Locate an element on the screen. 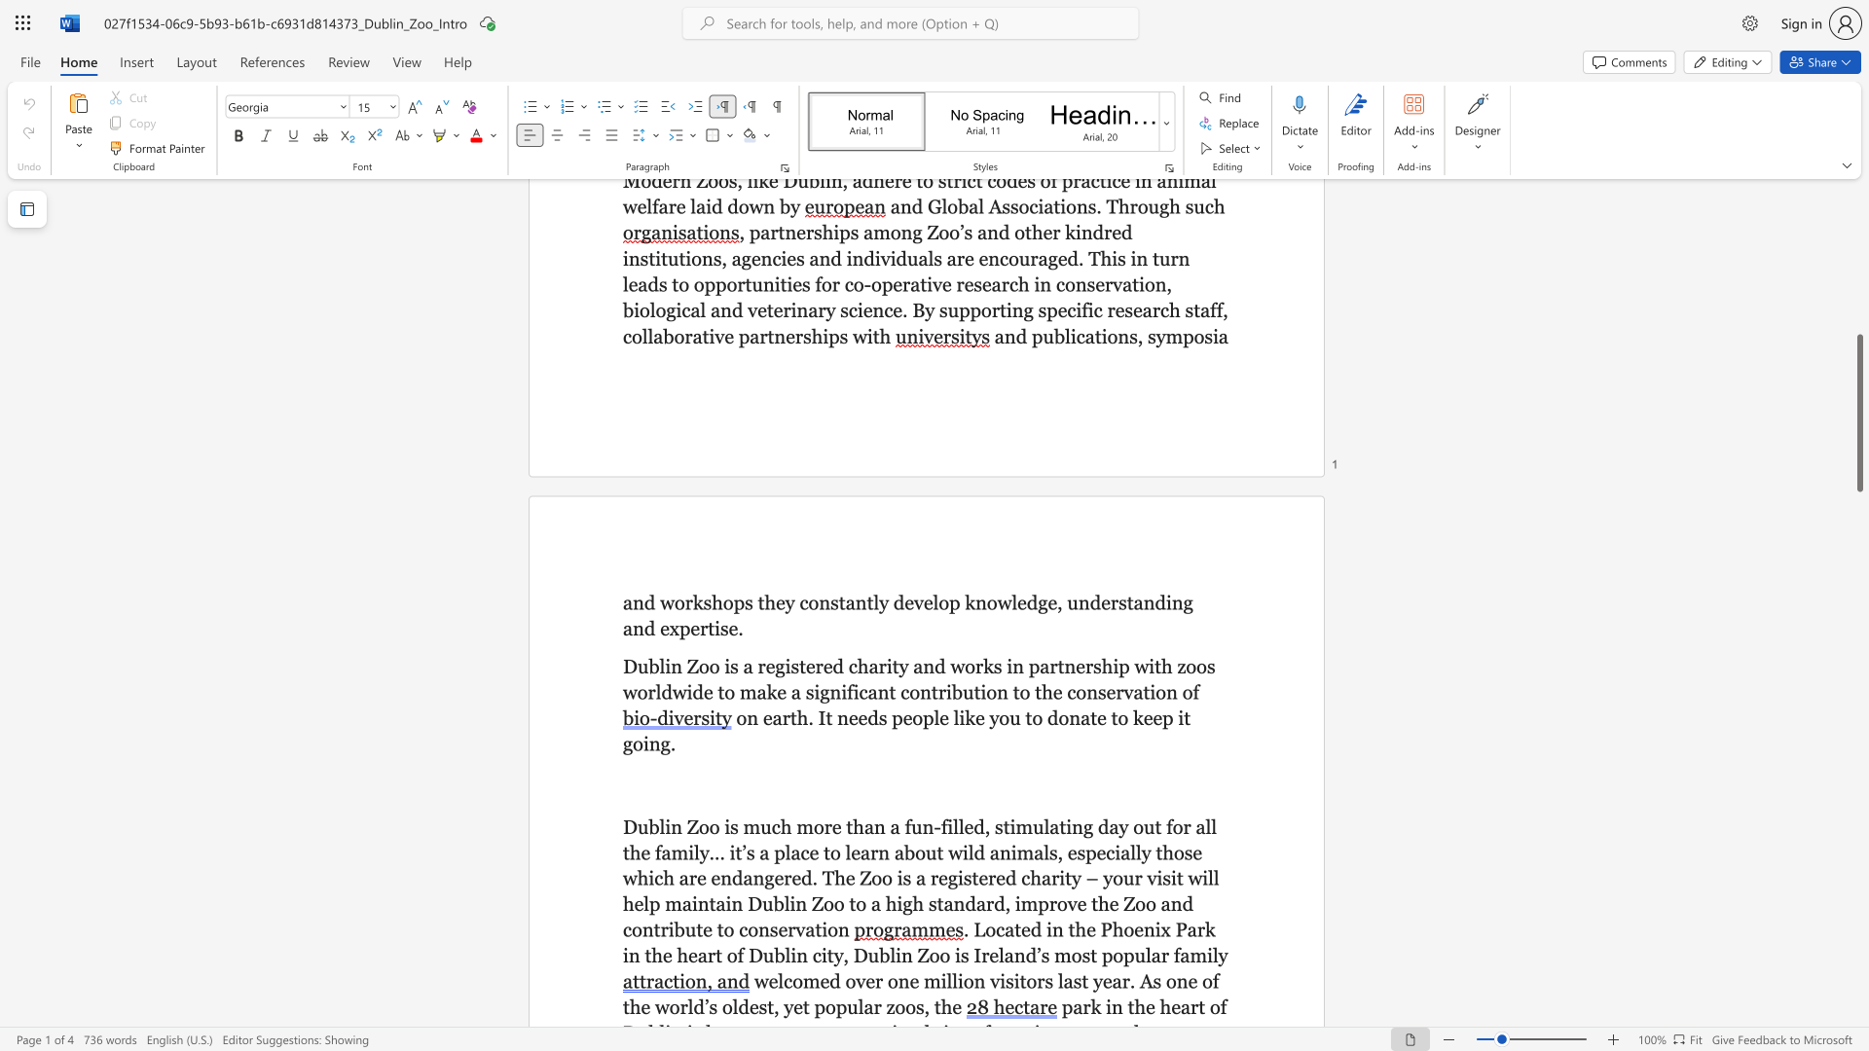 This screenshot has height=1051, width=1869. the subset text "ted in the Phoenix Park in the heart of Dubli" within the text ". Located in the Phoenix Park in the heart of Dublin city, Dublin Zoo is Ireland’s most popular family" is located at coordinates (1013, 928).